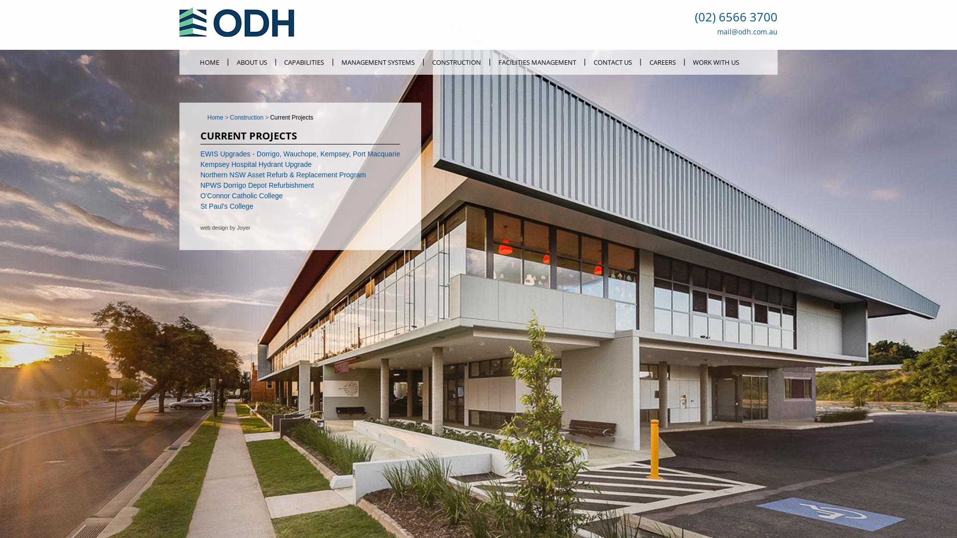 Image resolution: width=957 pixels, height=538 pixels. Describe the element at coordinates (612, 62) in the screenshot. I see `'CONTACT US'` at that location.